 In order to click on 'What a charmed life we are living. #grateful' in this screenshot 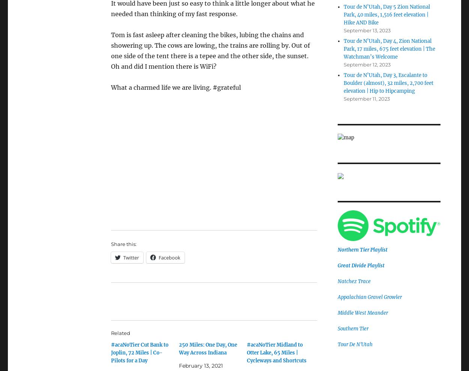, I will do `click(111, 87)`.